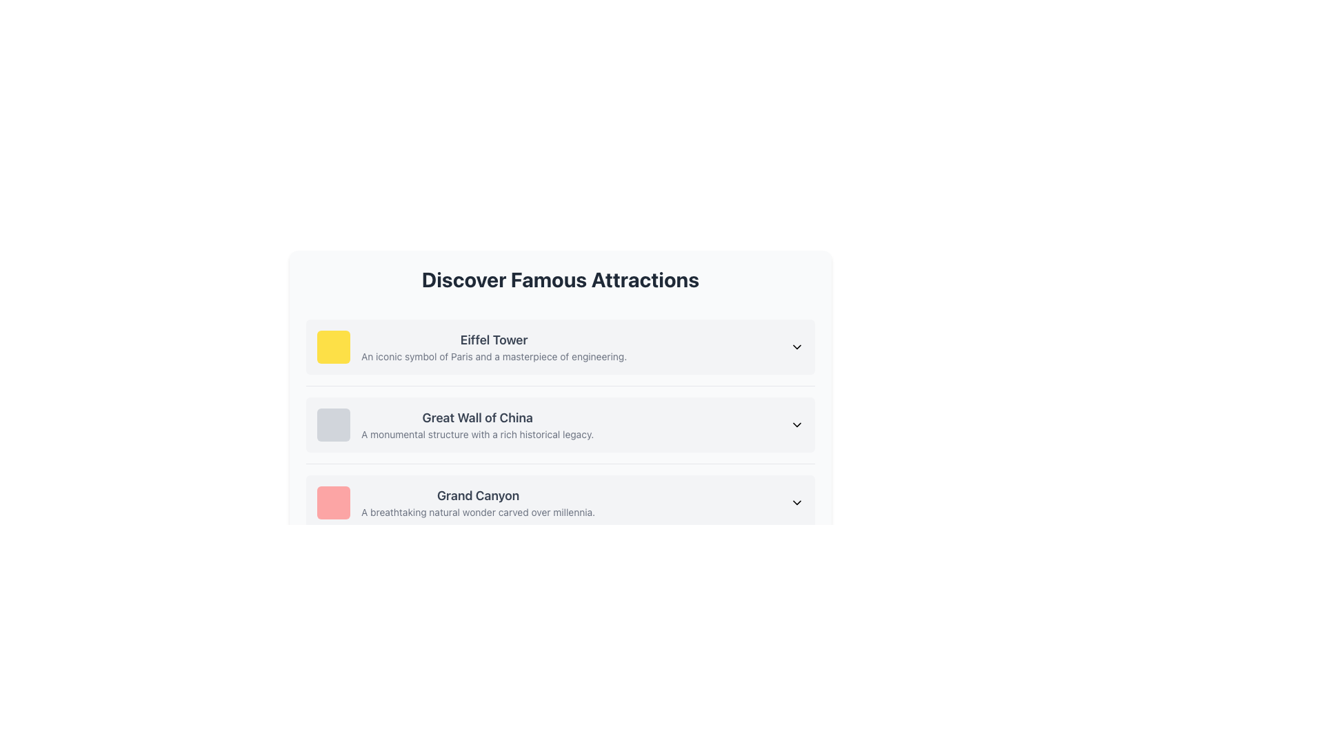 The height and width of the screenshot is (744, 1324). What do you see at coordinates (334, 502) in the screenshot?
I see `the small square decorative component with a red background located on the far-left side of the 'Grand Canyon' row` at bounding box center [334, 502].